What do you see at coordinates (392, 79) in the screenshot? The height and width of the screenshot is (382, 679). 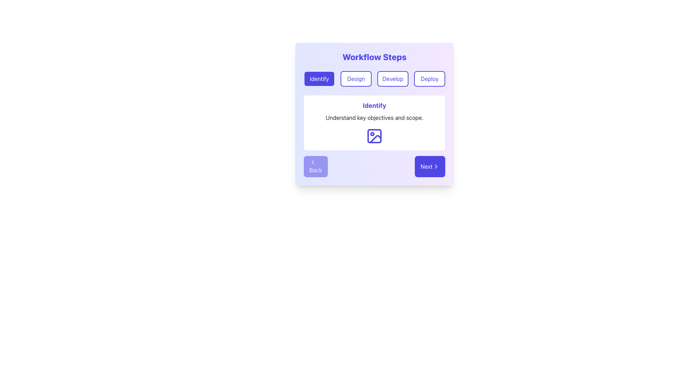 I see `the 'Develop' button in the Workflow Steps section` at bounding box center [392, 79].